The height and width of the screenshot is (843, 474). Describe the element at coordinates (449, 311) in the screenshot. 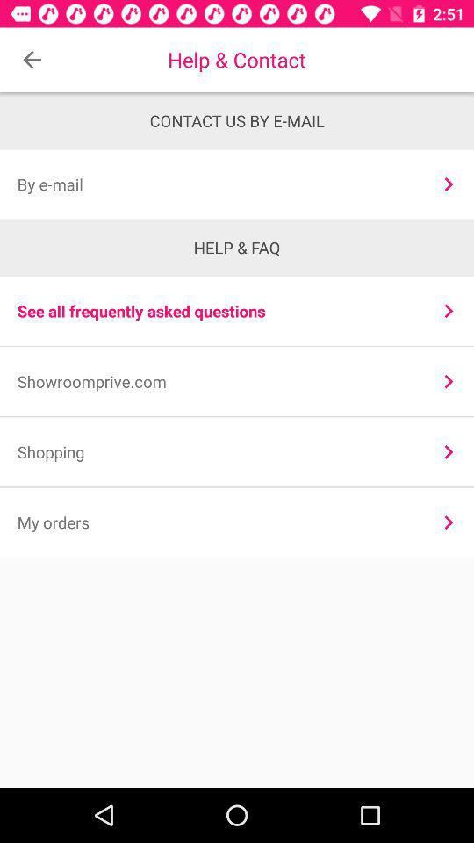

I see `icon to the right of see all frequently icon` at that location.